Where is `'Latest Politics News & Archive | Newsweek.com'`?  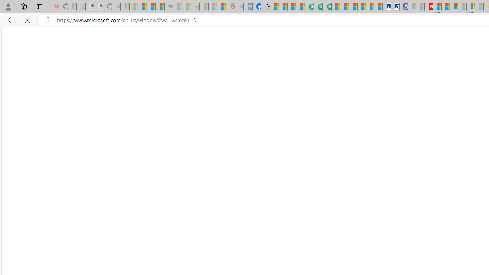 'Latest Politics News & Archive | Newsweek.com' is located at coordinates (429, 6).